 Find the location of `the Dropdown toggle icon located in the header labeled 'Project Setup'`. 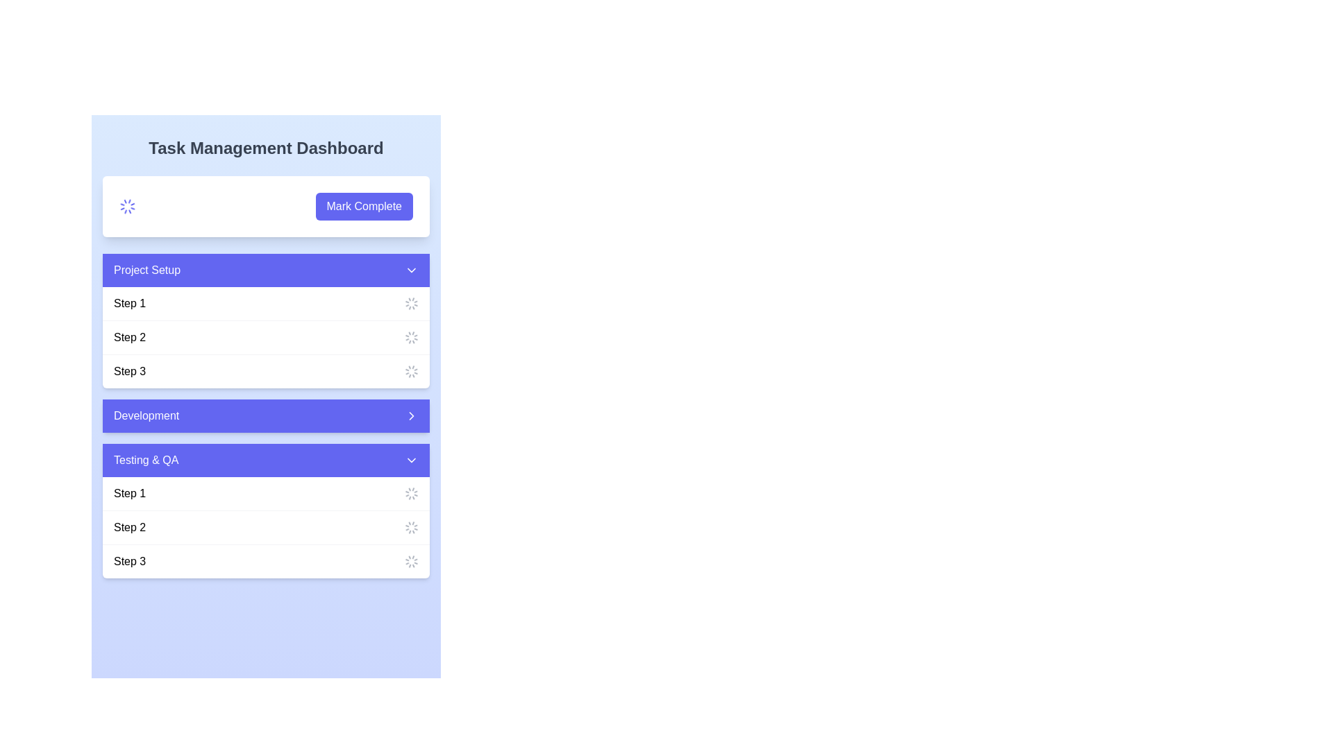

the Dropdown toggle icon located in the header labeled 'Project Setup' is located at coordinates (411, 270).